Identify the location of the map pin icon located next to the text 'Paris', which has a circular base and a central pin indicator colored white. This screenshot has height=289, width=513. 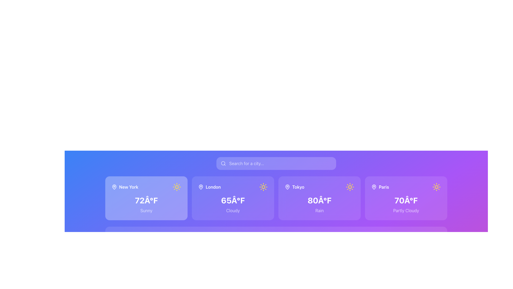
(374, 187).